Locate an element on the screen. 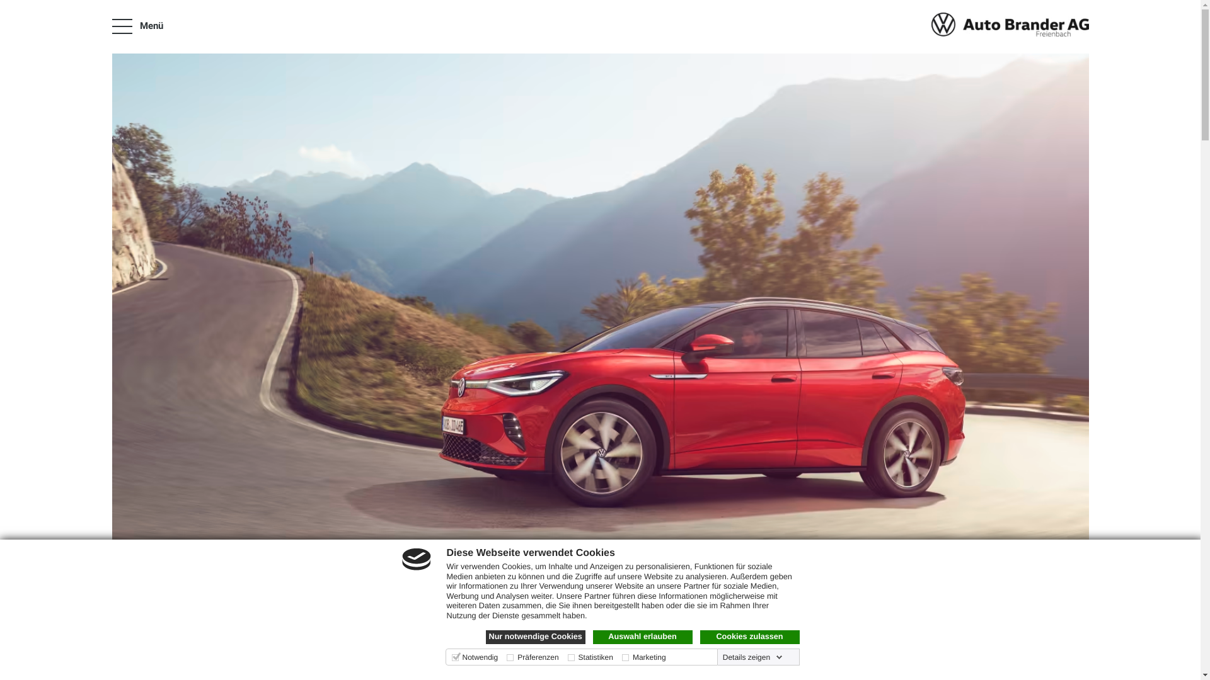  'Cookies zulassen' is located at coordinates (749, 637).